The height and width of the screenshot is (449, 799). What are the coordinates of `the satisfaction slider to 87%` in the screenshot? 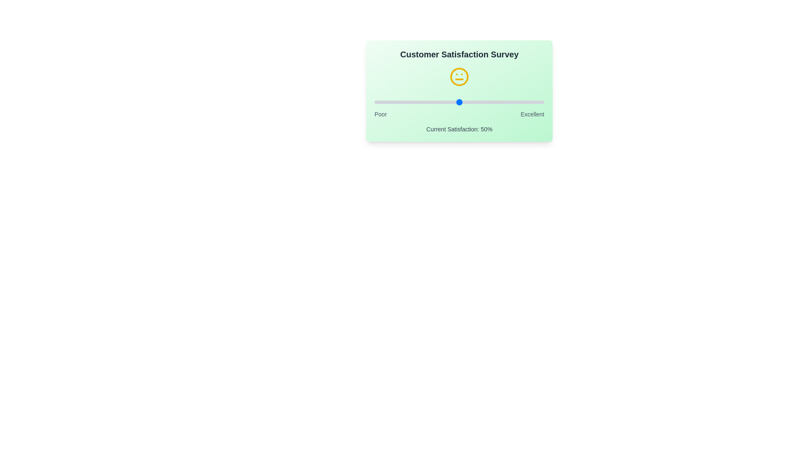 It's located at (521, 102).